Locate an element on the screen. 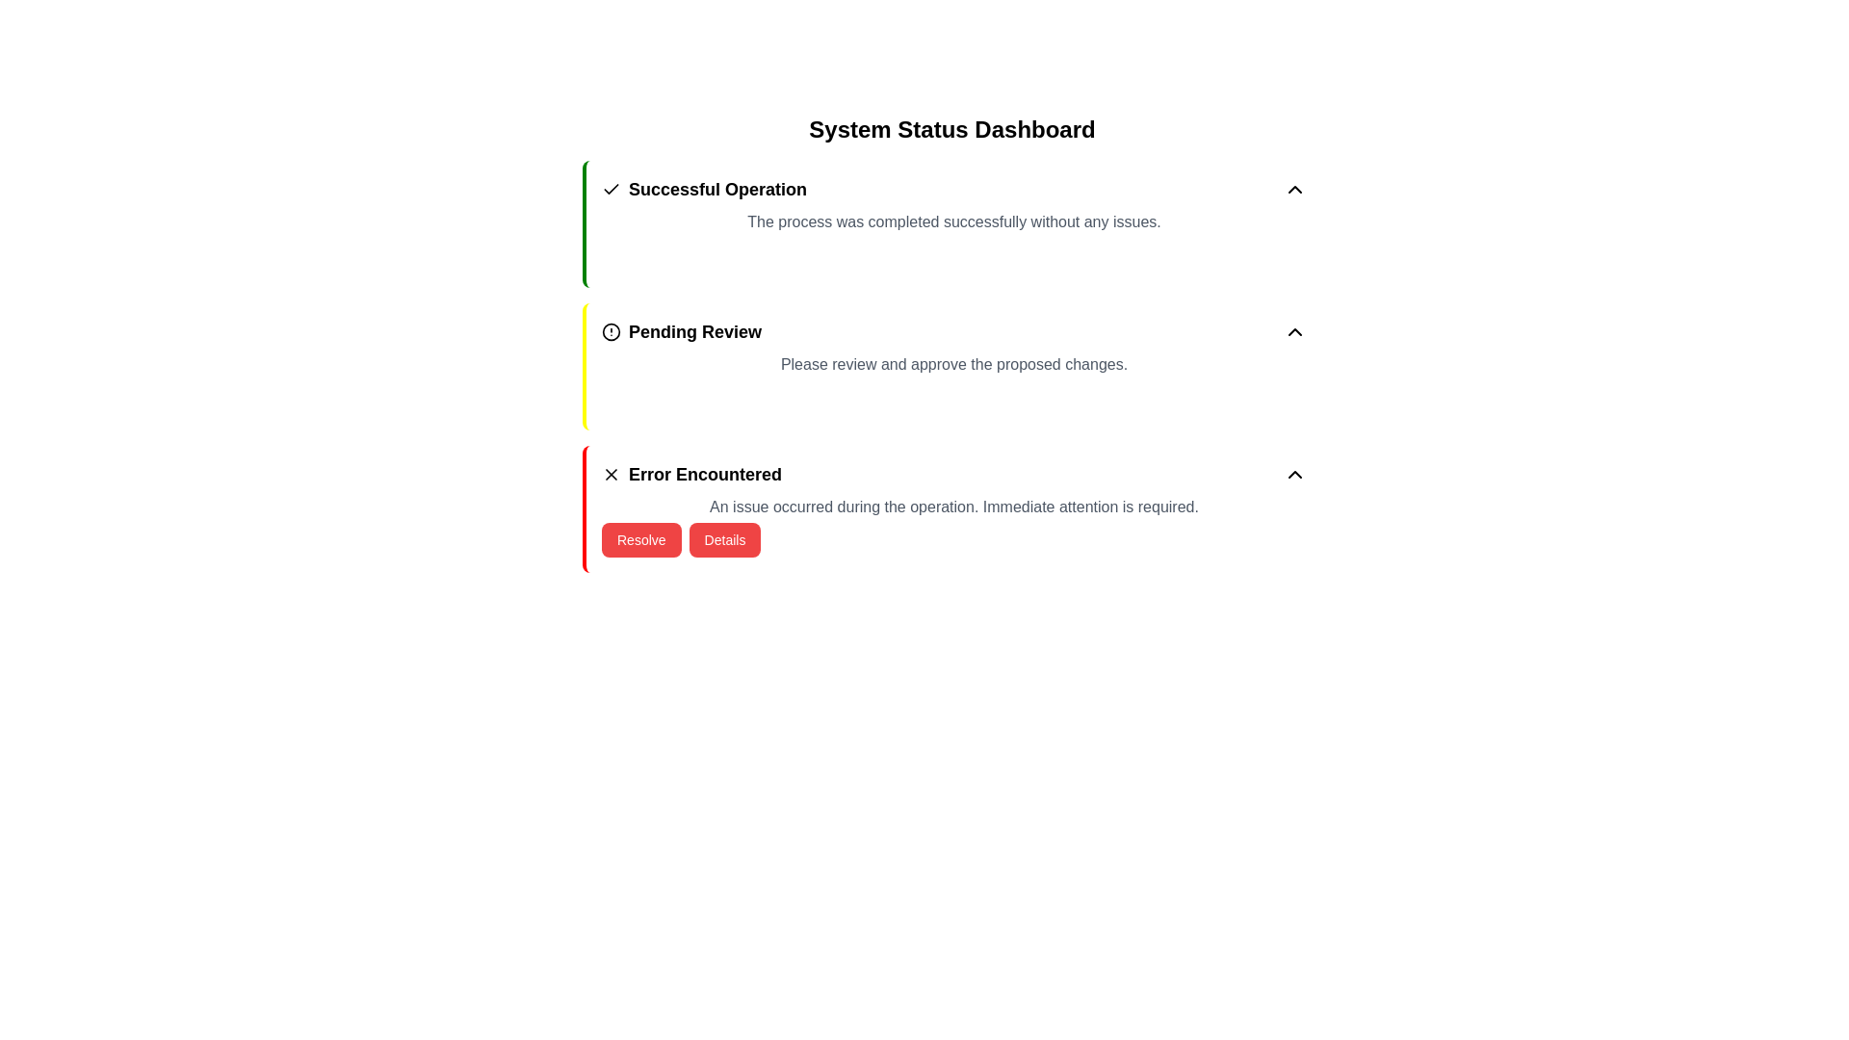 The width and height of the screenshot is (1849, 1040). the static text displaying 'Please review and approve the proposed changes.' located in the 'Pending Review' section of the 'System Status Dashboard.' is located at coordinates (953, 364).